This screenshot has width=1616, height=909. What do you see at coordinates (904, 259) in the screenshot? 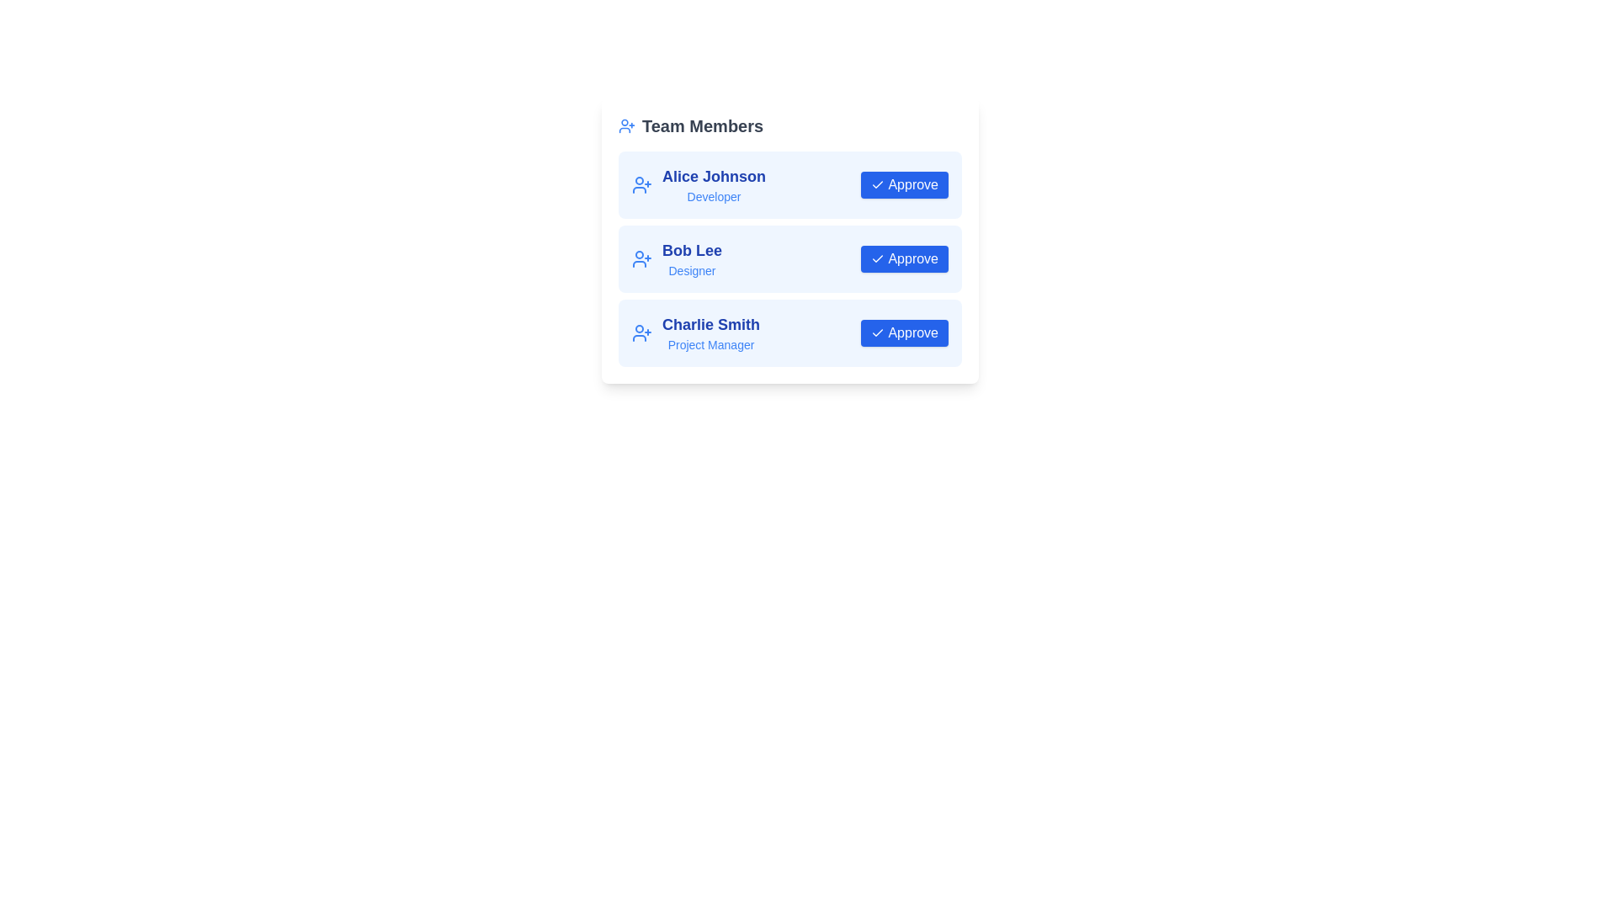
I see `the 'Approve' button associated with the team member 'Bob Lee' to confirm and process the approval action` at bounding box center [904, 259].